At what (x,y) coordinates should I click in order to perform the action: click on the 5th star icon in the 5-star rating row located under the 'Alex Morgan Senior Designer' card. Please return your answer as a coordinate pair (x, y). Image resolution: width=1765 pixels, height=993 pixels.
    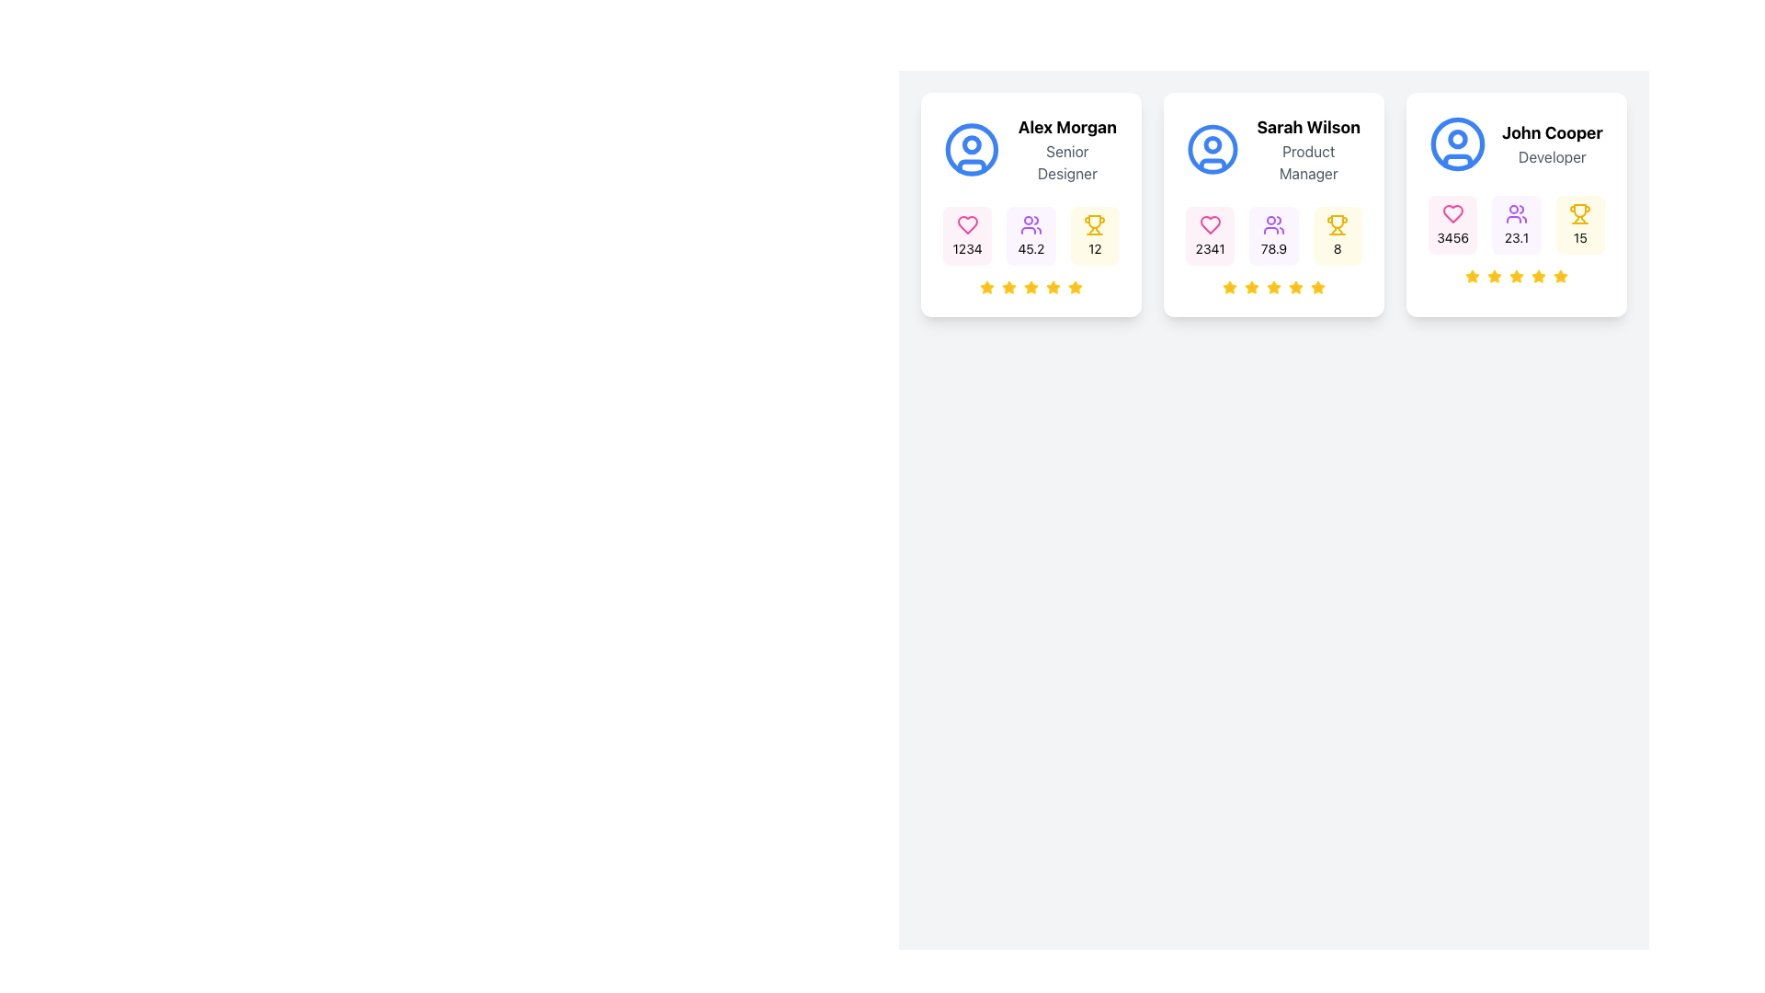
    Looking at the image, I should click on (1076, 287).